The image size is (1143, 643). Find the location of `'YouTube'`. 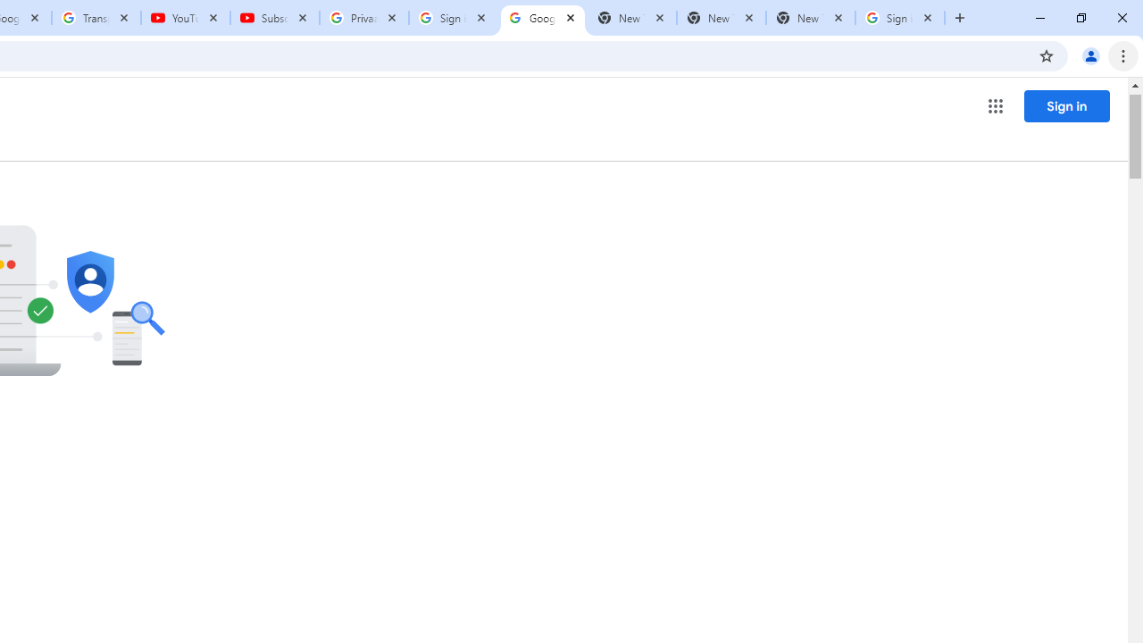

'YouTube' is located at coordinates (186, 18).